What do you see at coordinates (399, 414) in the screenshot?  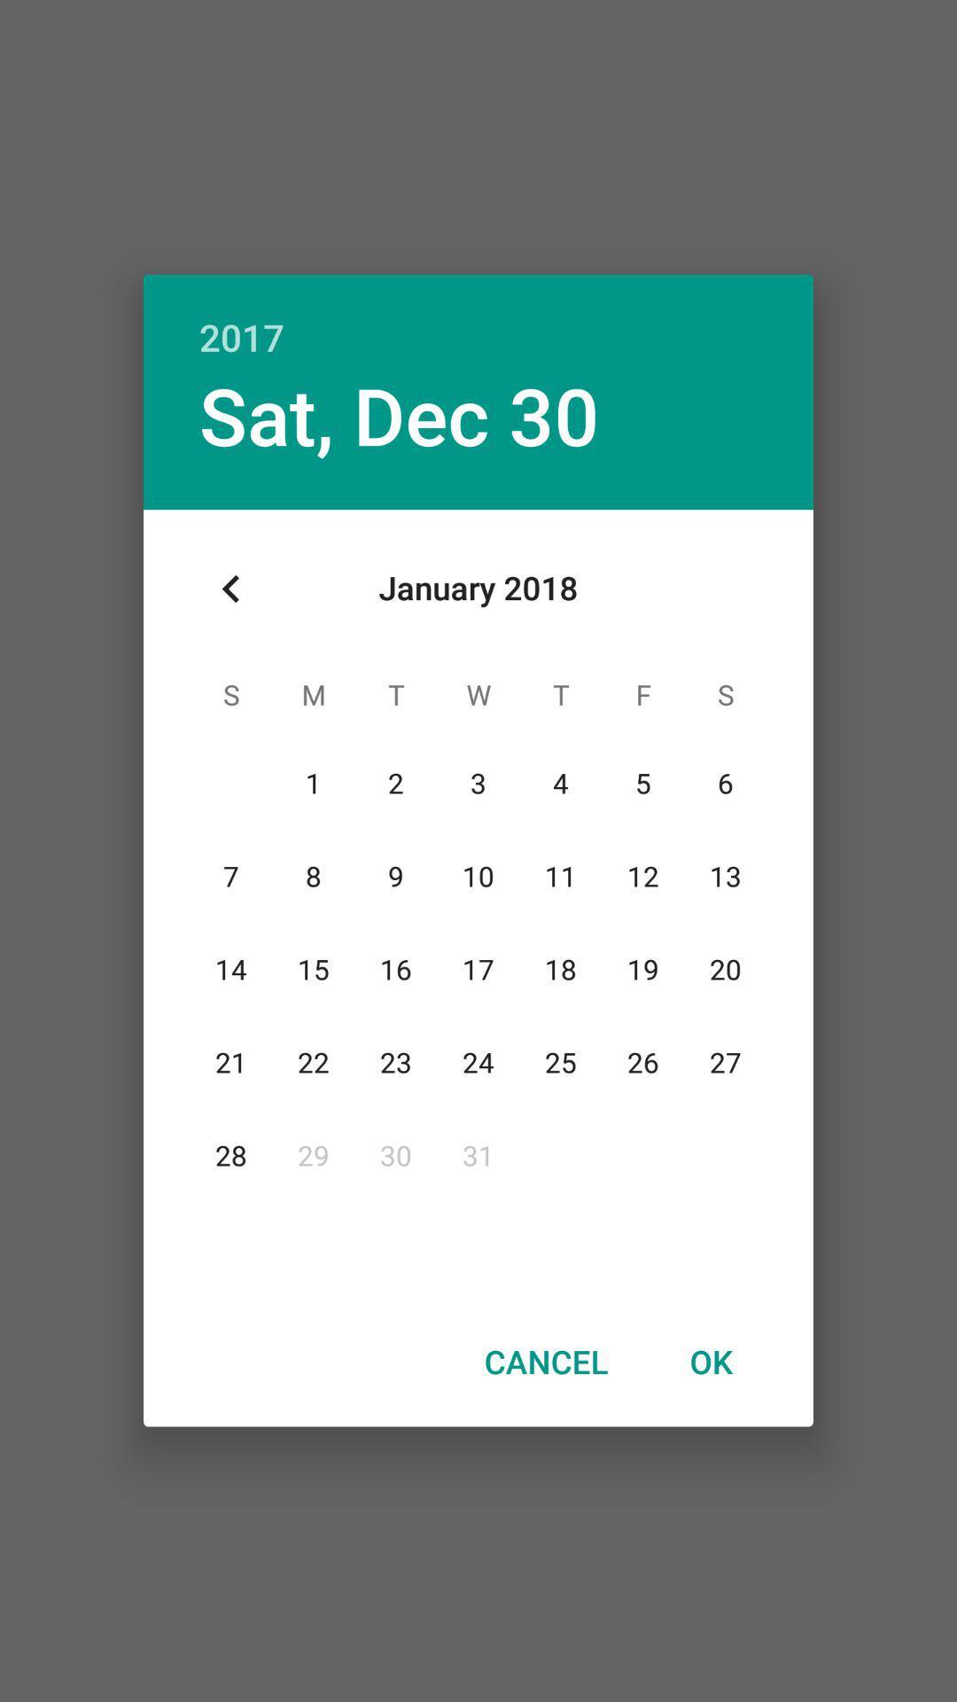 I see `sat, dec 30` at bounding box center [399, 414].